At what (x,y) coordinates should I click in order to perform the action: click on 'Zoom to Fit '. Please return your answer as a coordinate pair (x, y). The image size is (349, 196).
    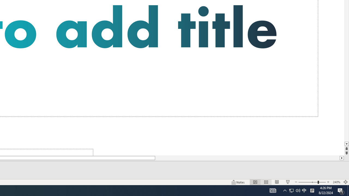
    Looking at the image, I should click on (345, 182).